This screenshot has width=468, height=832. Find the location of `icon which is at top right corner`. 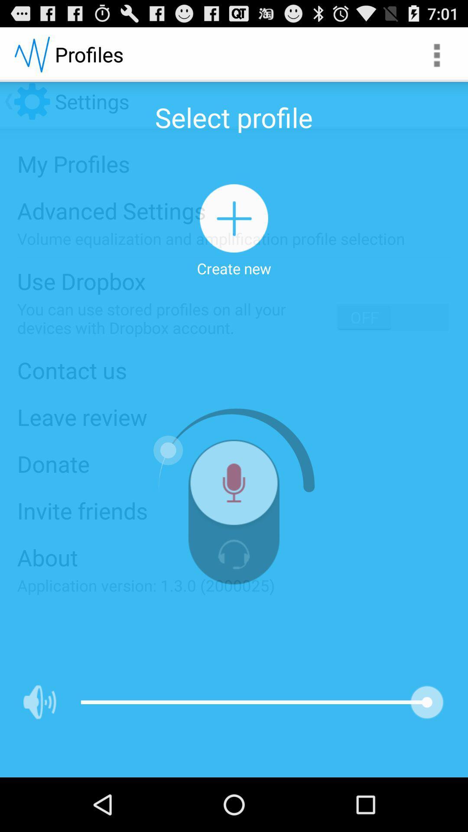

icon which is at top right corner is located at coordinates (436, 54).